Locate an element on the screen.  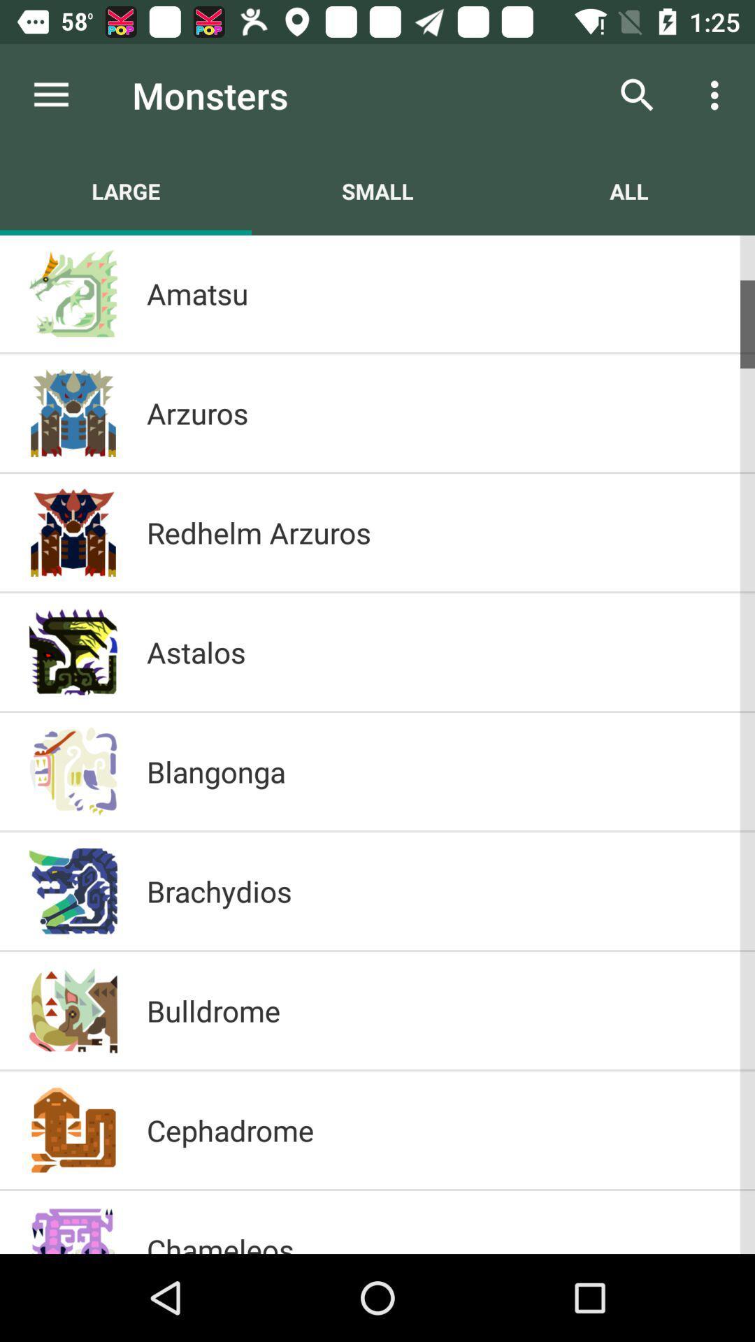
the item below the monsters is located at coordinates (377, 190).